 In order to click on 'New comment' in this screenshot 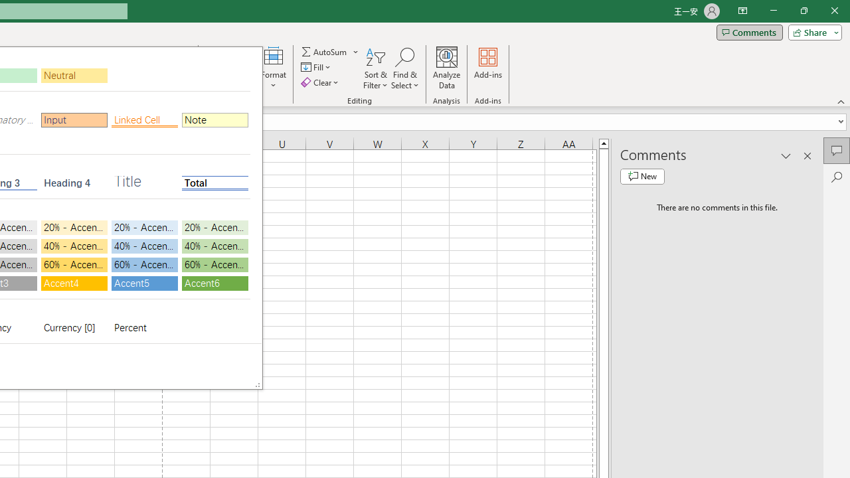, I will do `click(642, 176)`.